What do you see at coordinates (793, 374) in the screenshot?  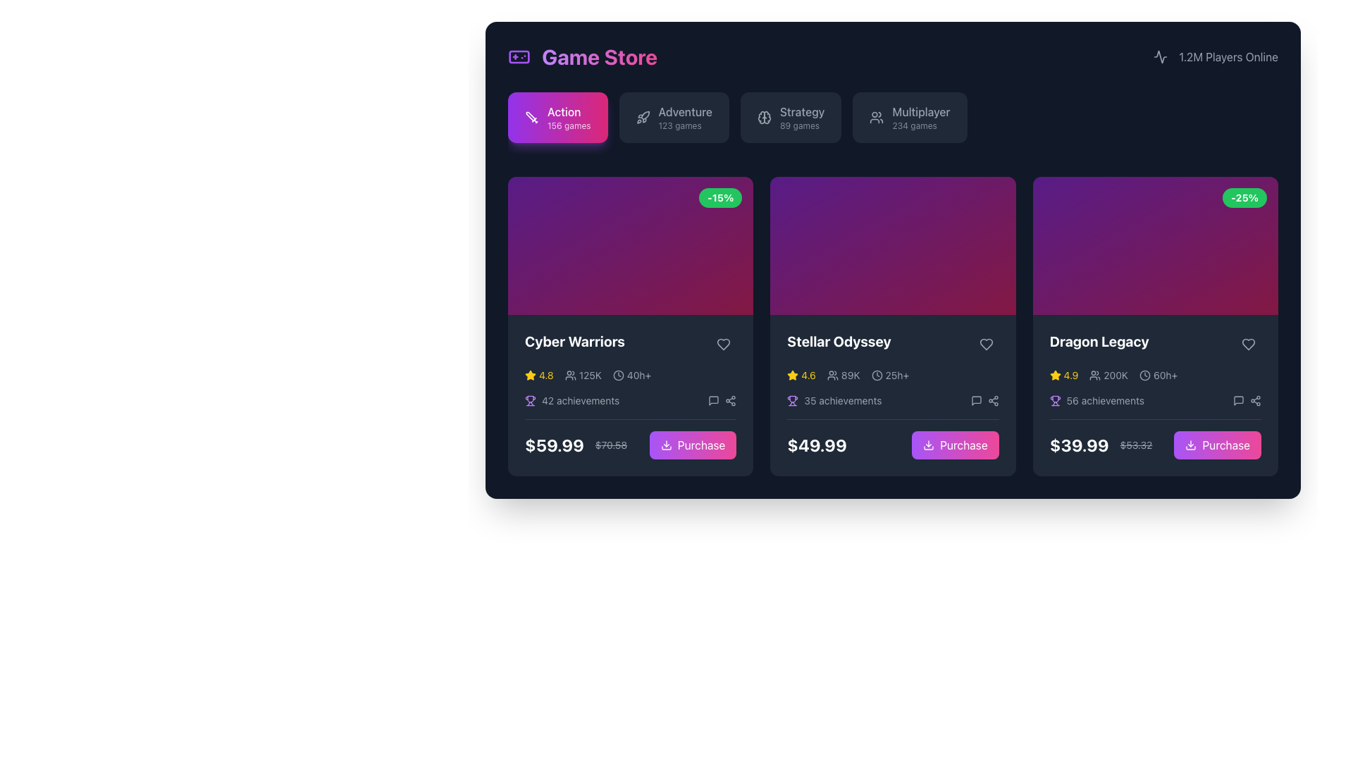 I see `the small yellow star icon with a black outline located in the second card from the left, which displays the game 'Stellar Odyssey'` at bounding box center [793, 374].